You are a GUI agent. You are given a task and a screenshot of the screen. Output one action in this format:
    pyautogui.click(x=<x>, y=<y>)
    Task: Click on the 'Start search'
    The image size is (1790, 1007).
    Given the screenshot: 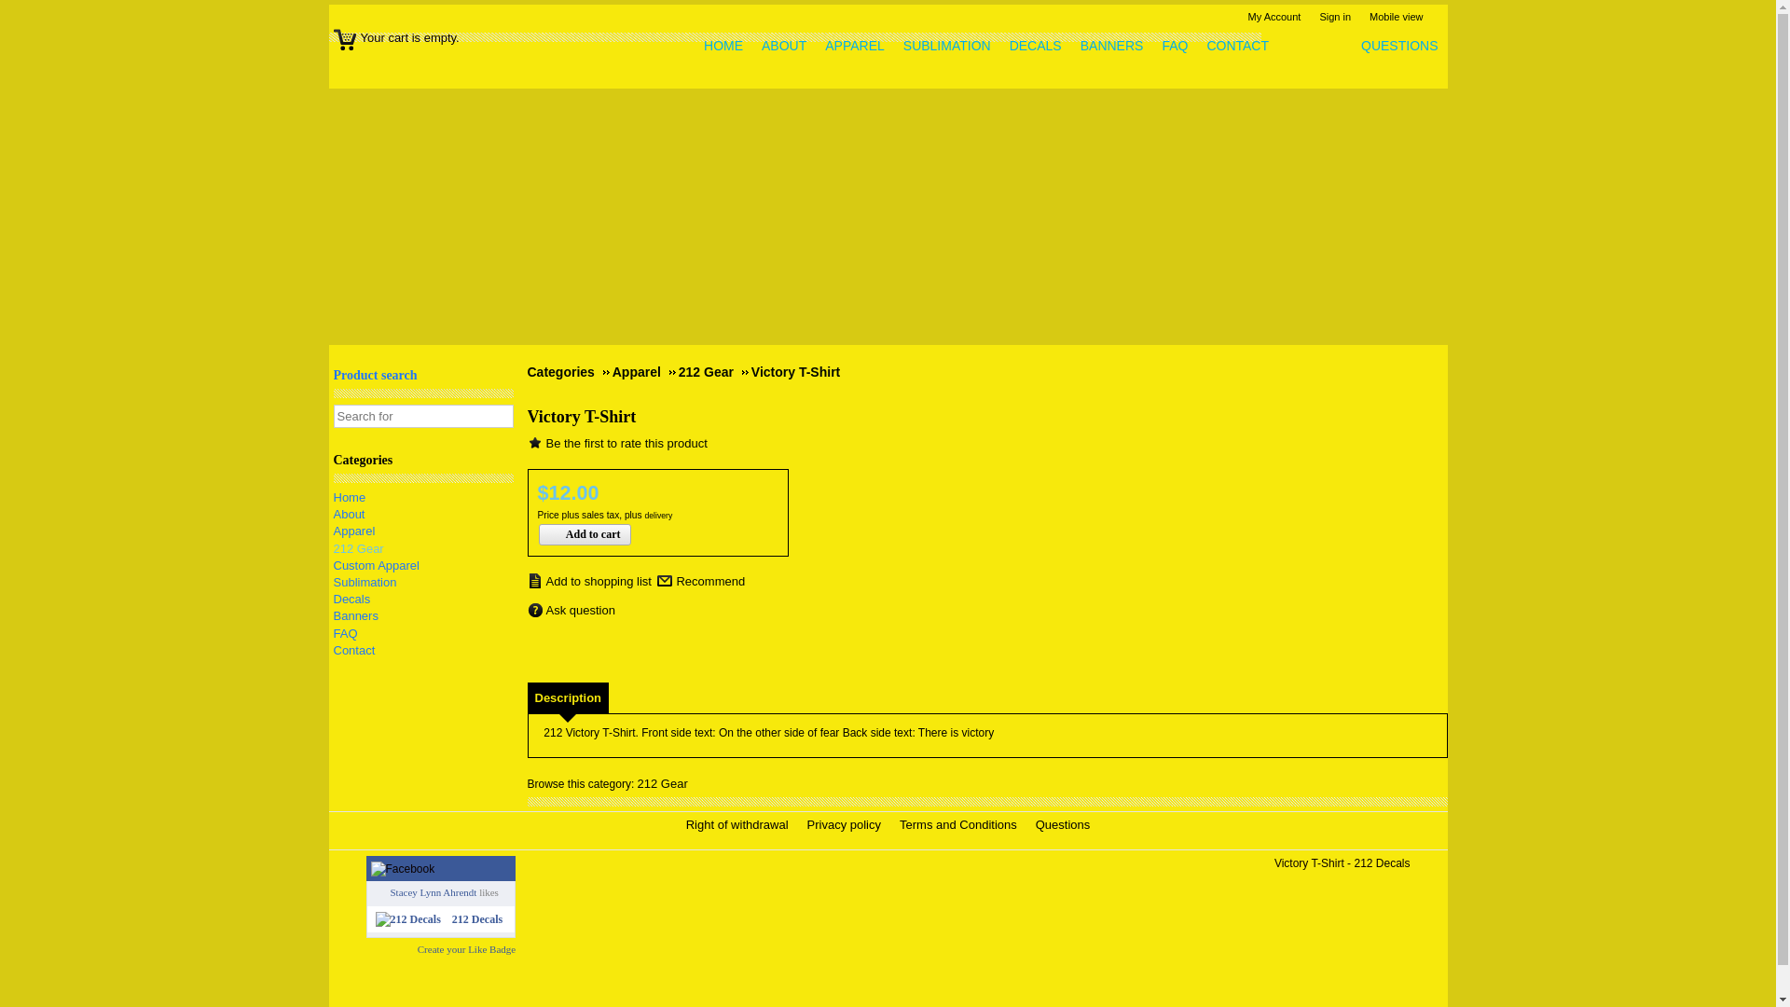 What is the action you would take?
    pyautogui.click(x=496, y=416)
    